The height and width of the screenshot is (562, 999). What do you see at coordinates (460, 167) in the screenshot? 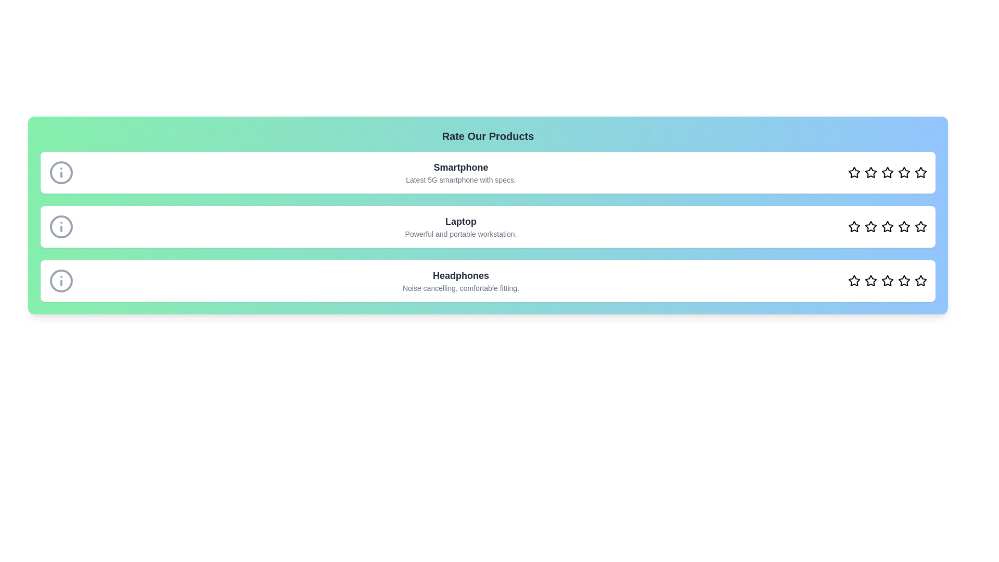
I see `the text label 'Smartphone' which is bold, larger in font size, and dark gray in color, positioned above the product description 'Latest 5G smartphone with specs.'` at bounding box center [460, 167].